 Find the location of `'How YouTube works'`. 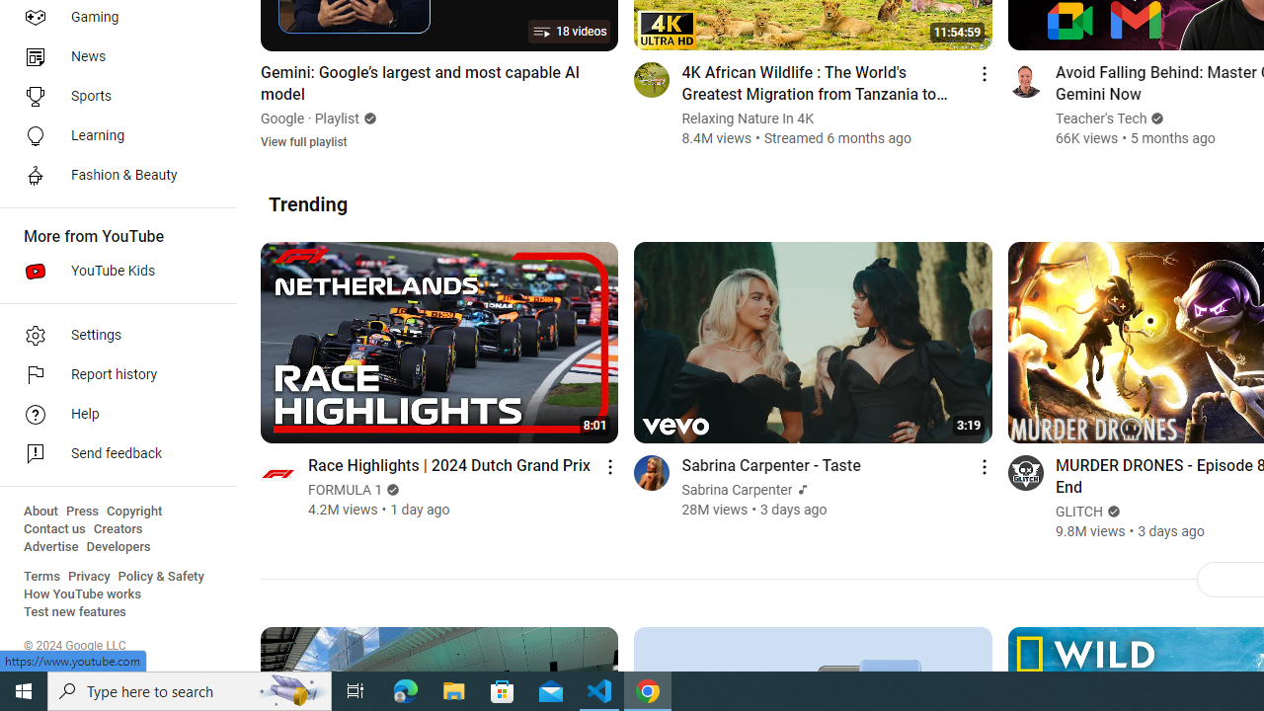

'How YouTube works' is located at coordinates (81, 593).